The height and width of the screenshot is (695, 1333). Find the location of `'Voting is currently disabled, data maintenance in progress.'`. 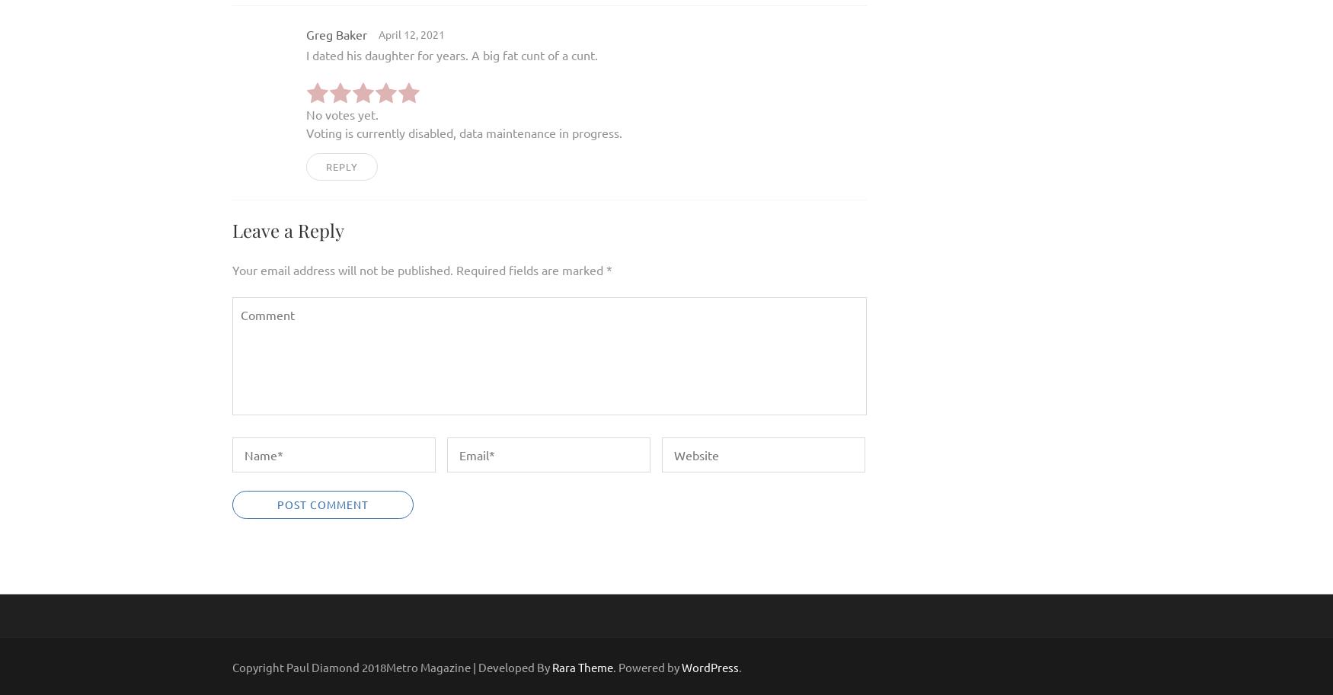

'Voting is currently disabled, data maintenance in progress.' is located at coordinates (305, 132).